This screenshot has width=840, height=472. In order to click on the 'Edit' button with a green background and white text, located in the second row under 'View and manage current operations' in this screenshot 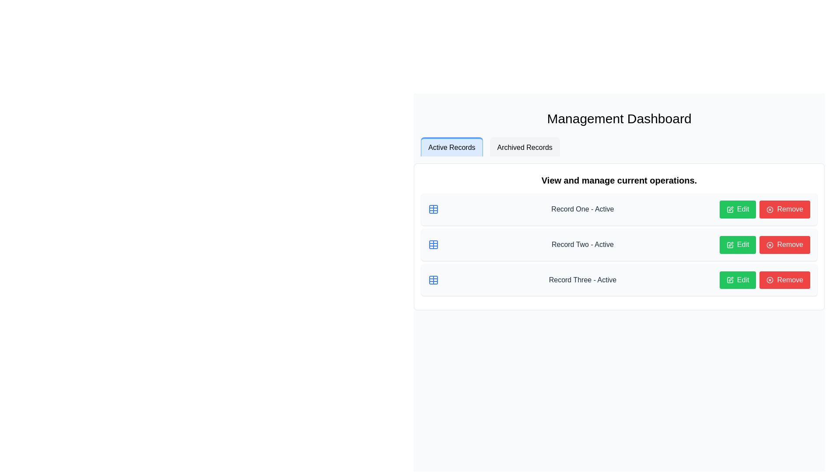, I will do `click(737, 245)`.